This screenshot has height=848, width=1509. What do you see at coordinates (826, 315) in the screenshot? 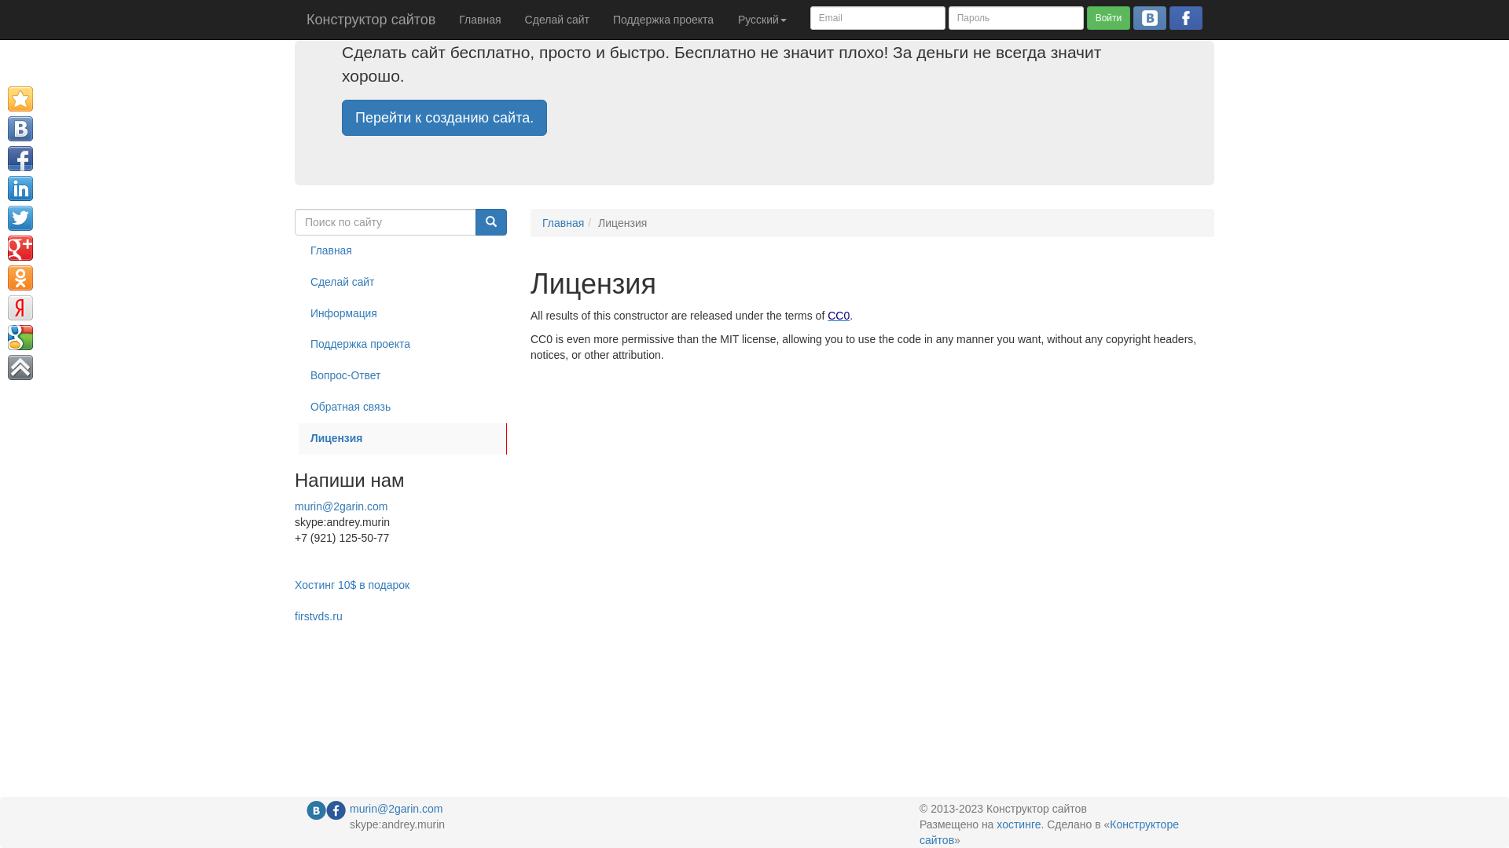
I see `'CC0'` at bounding box center [826, 315].